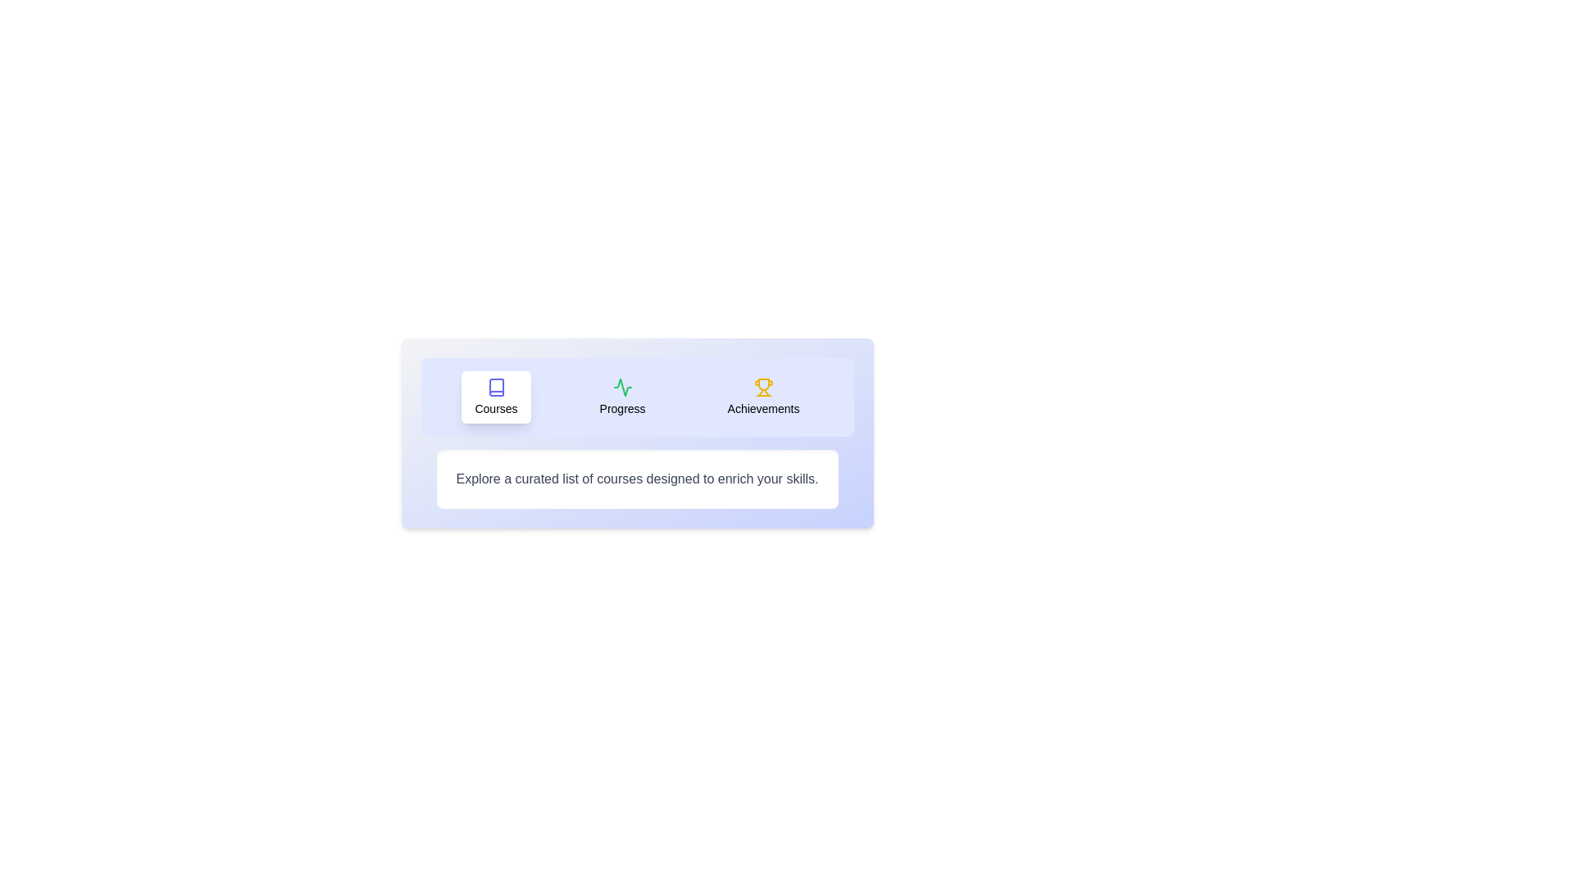 Image resolution: width=1574 pixels, height=885 pixels. Describe the element at coordinates (762, 397) in the screenshot. I see `the Achievements tab by clicking on its button` at that location.